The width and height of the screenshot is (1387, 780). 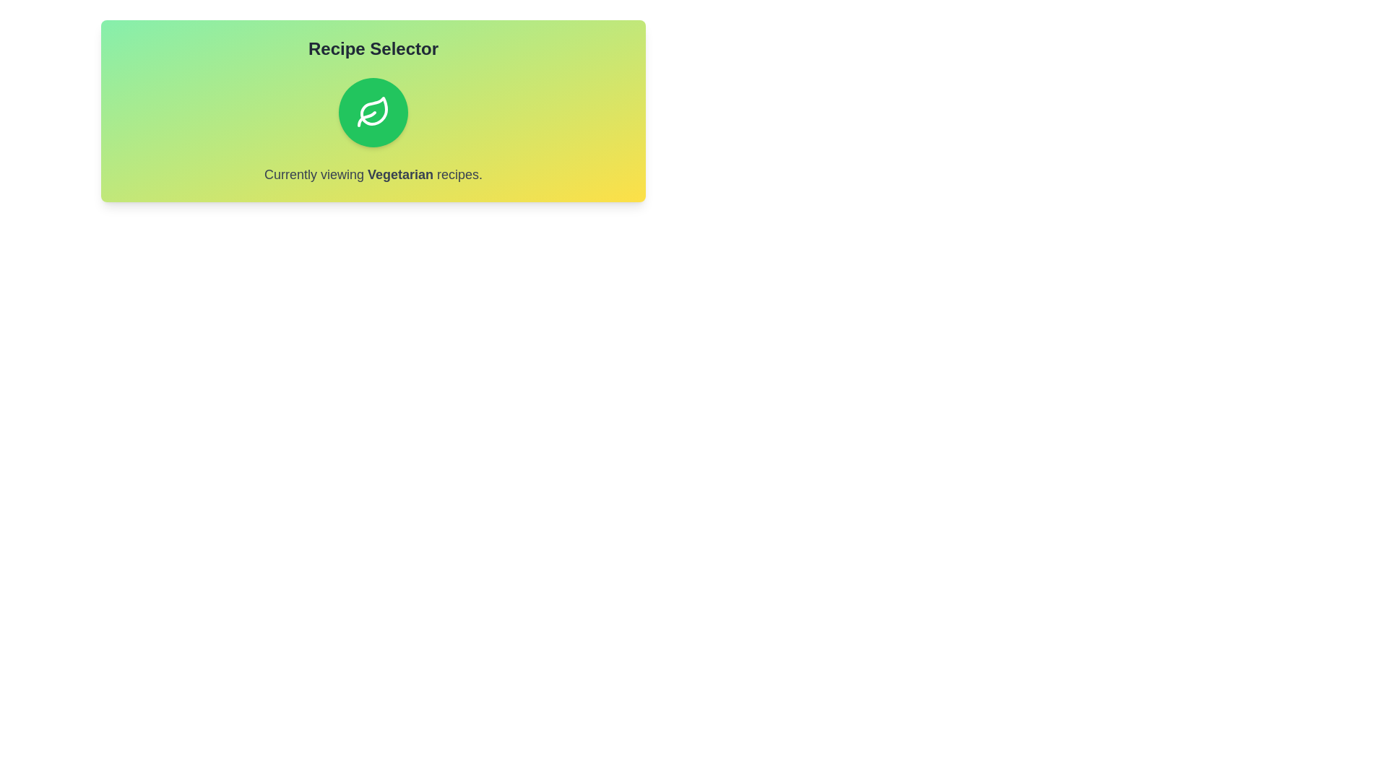 I want to click on the toggle button to switch between Vegetarian and Non-Vegetarian recipes, so click(x=373, y=111).